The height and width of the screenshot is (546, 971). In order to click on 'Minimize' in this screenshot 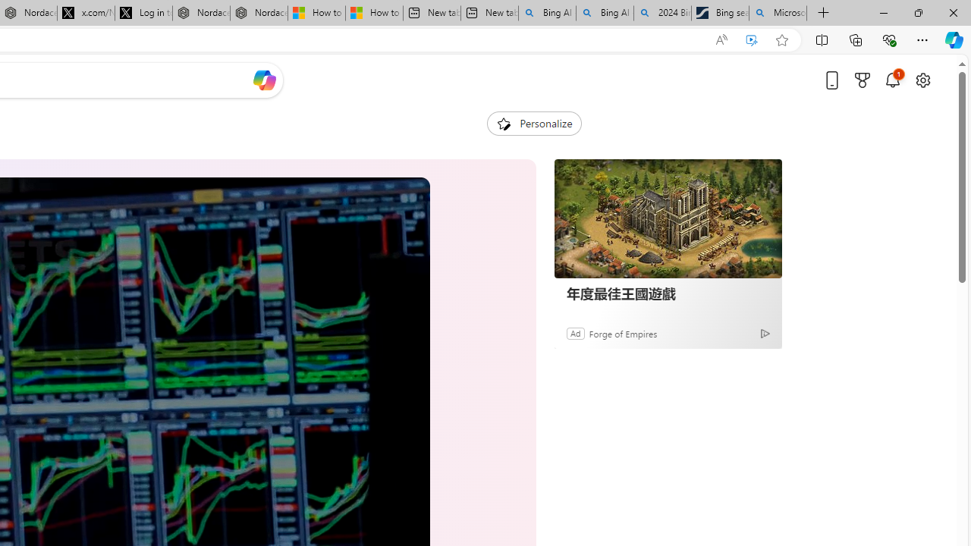, I will do `click(883, 12)`.